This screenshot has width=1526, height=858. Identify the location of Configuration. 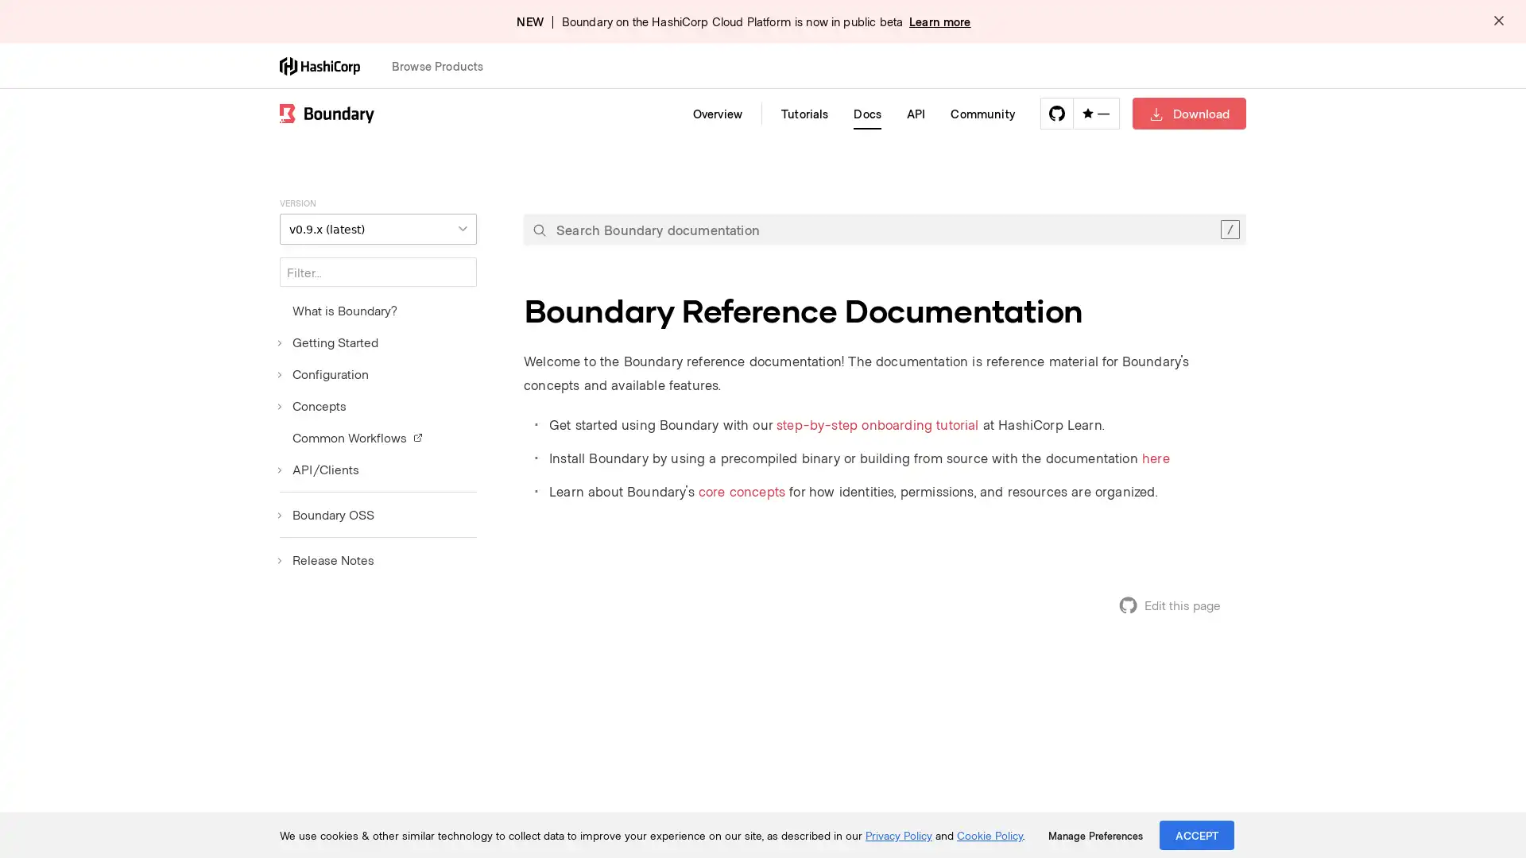
(323, 373).